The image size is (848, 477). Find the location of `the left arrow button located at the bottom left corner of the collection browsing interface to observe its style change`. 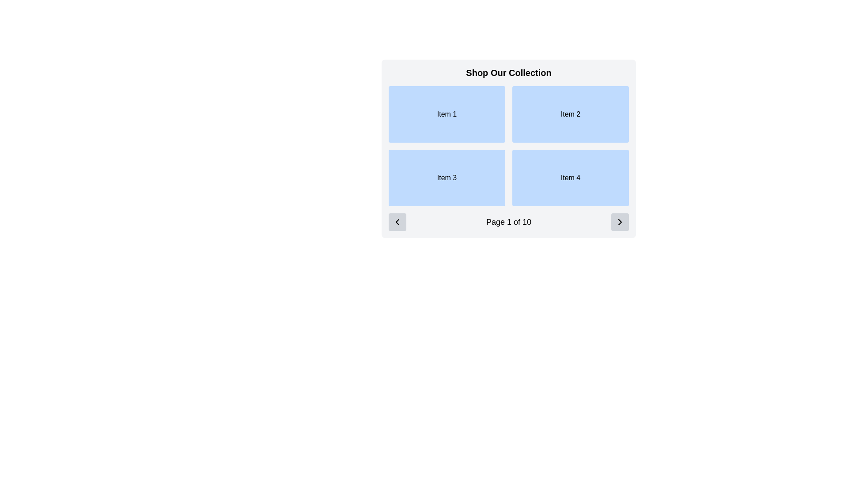

the left arrow button located at the bottom left corner of the collection browsing interface to observe its style change is located at coordinates (397, 221).